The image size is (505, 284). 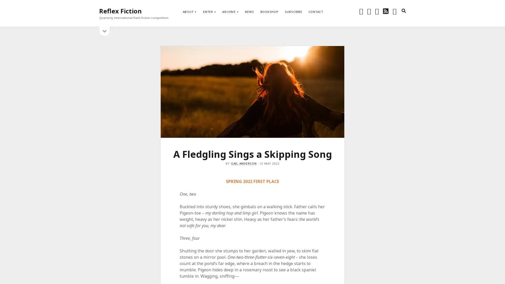 I want to click on Subscribe, so click(x=317, y=61).